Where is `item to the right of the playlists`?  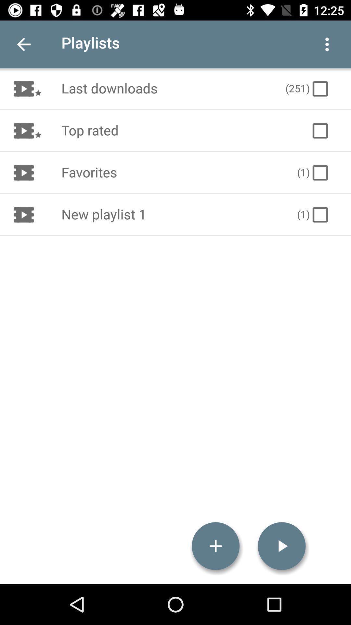
item to the right of the playlists is located at coordinates (327, 44).